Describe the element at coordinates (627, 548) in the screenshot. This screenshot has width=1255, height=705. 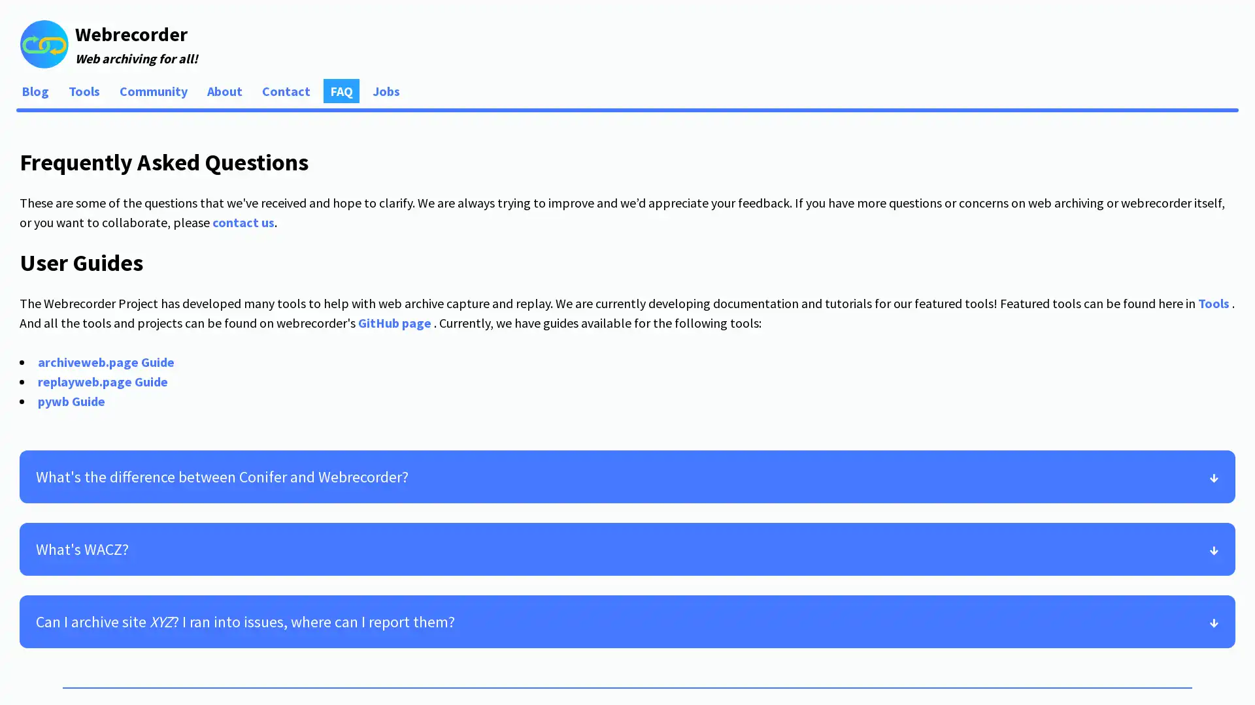
I see `What's WACZ?` at that location.